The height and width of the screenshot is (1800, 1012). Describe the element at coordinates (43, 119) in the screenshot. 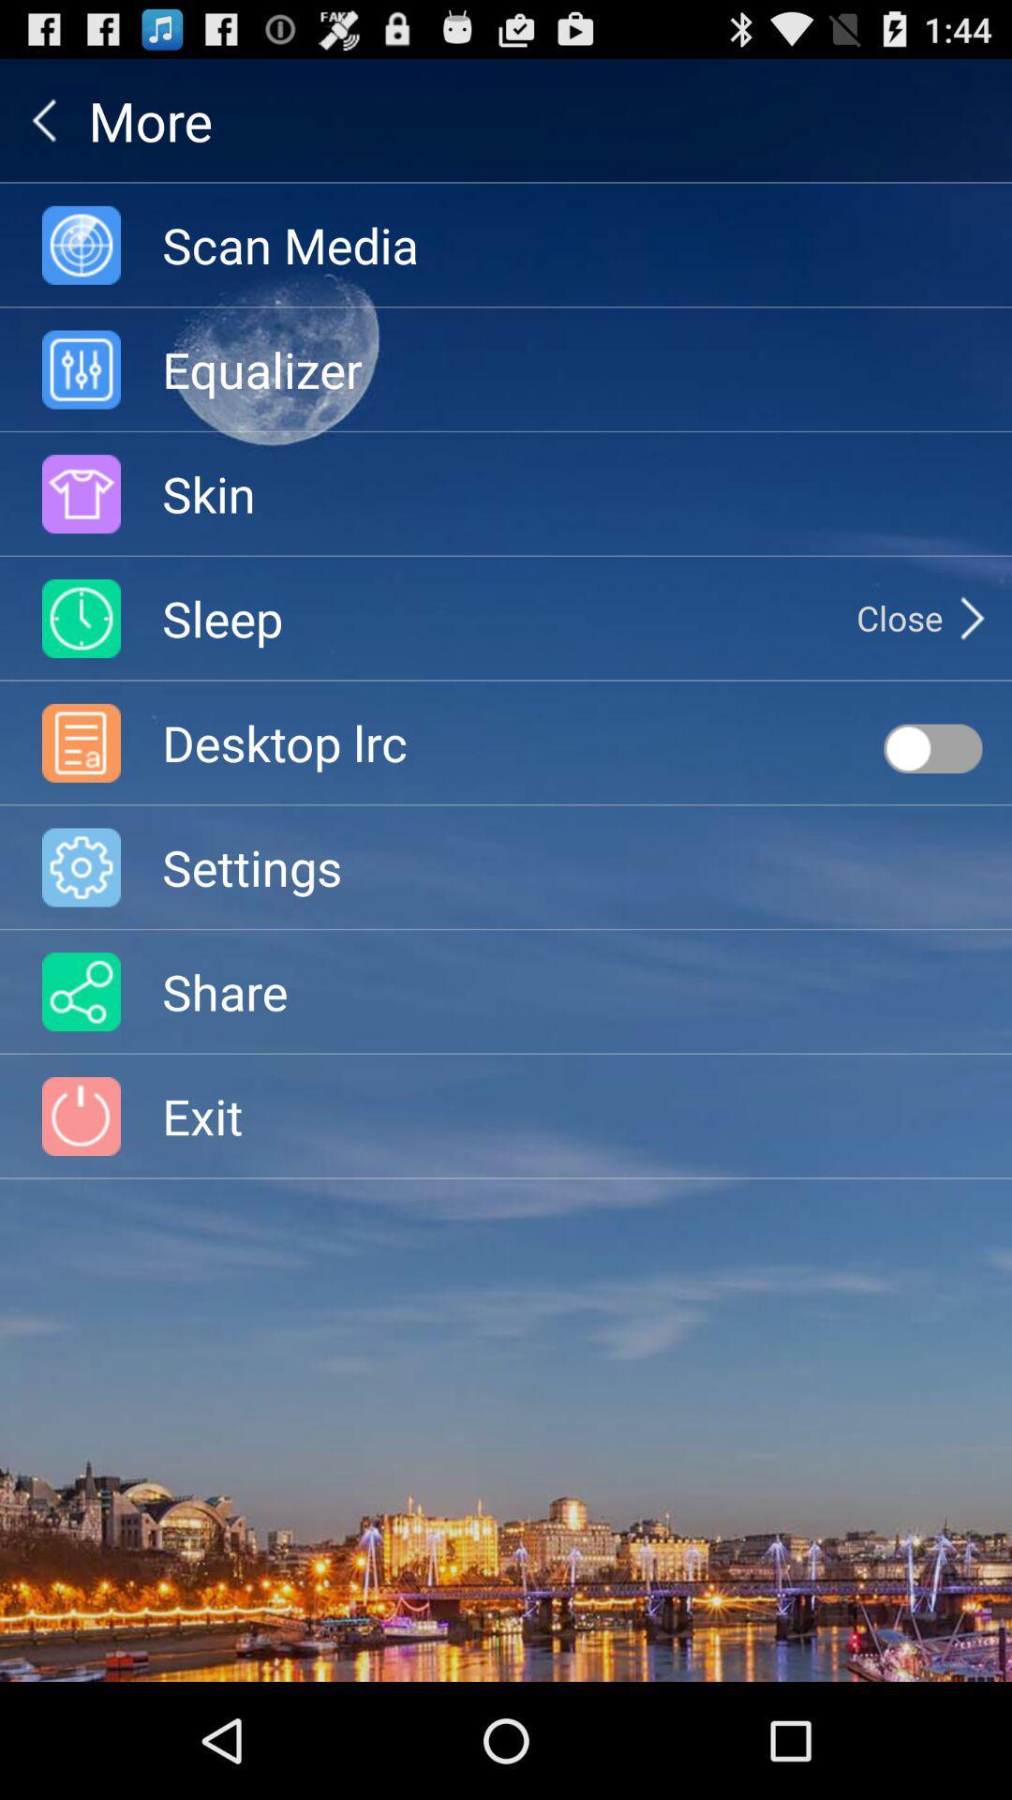

I see `the icon to the left of the more icon` at that location.